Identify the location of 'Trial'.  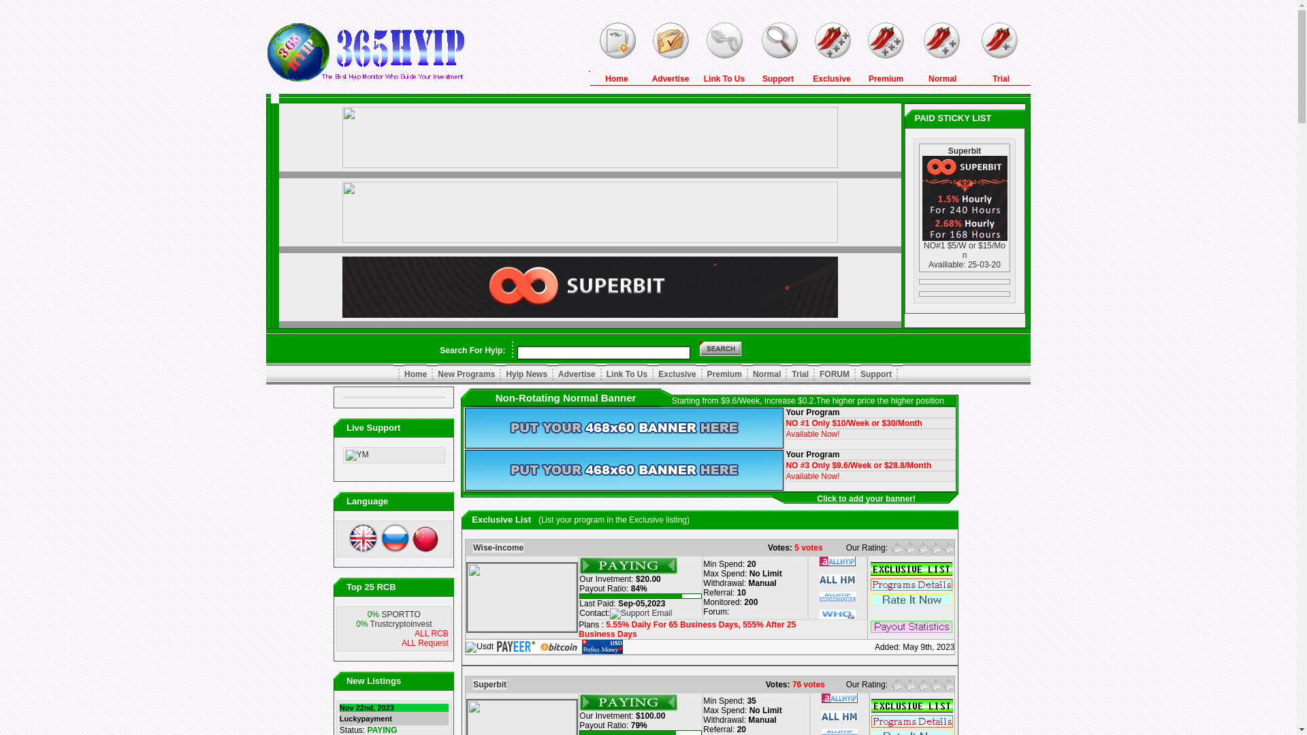
(800, 374).